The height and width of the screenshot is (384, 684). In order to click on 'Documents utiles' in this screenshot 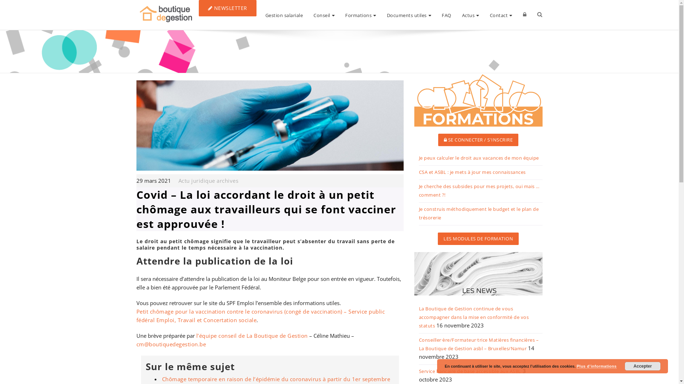, I will do `click(409, 15)`.